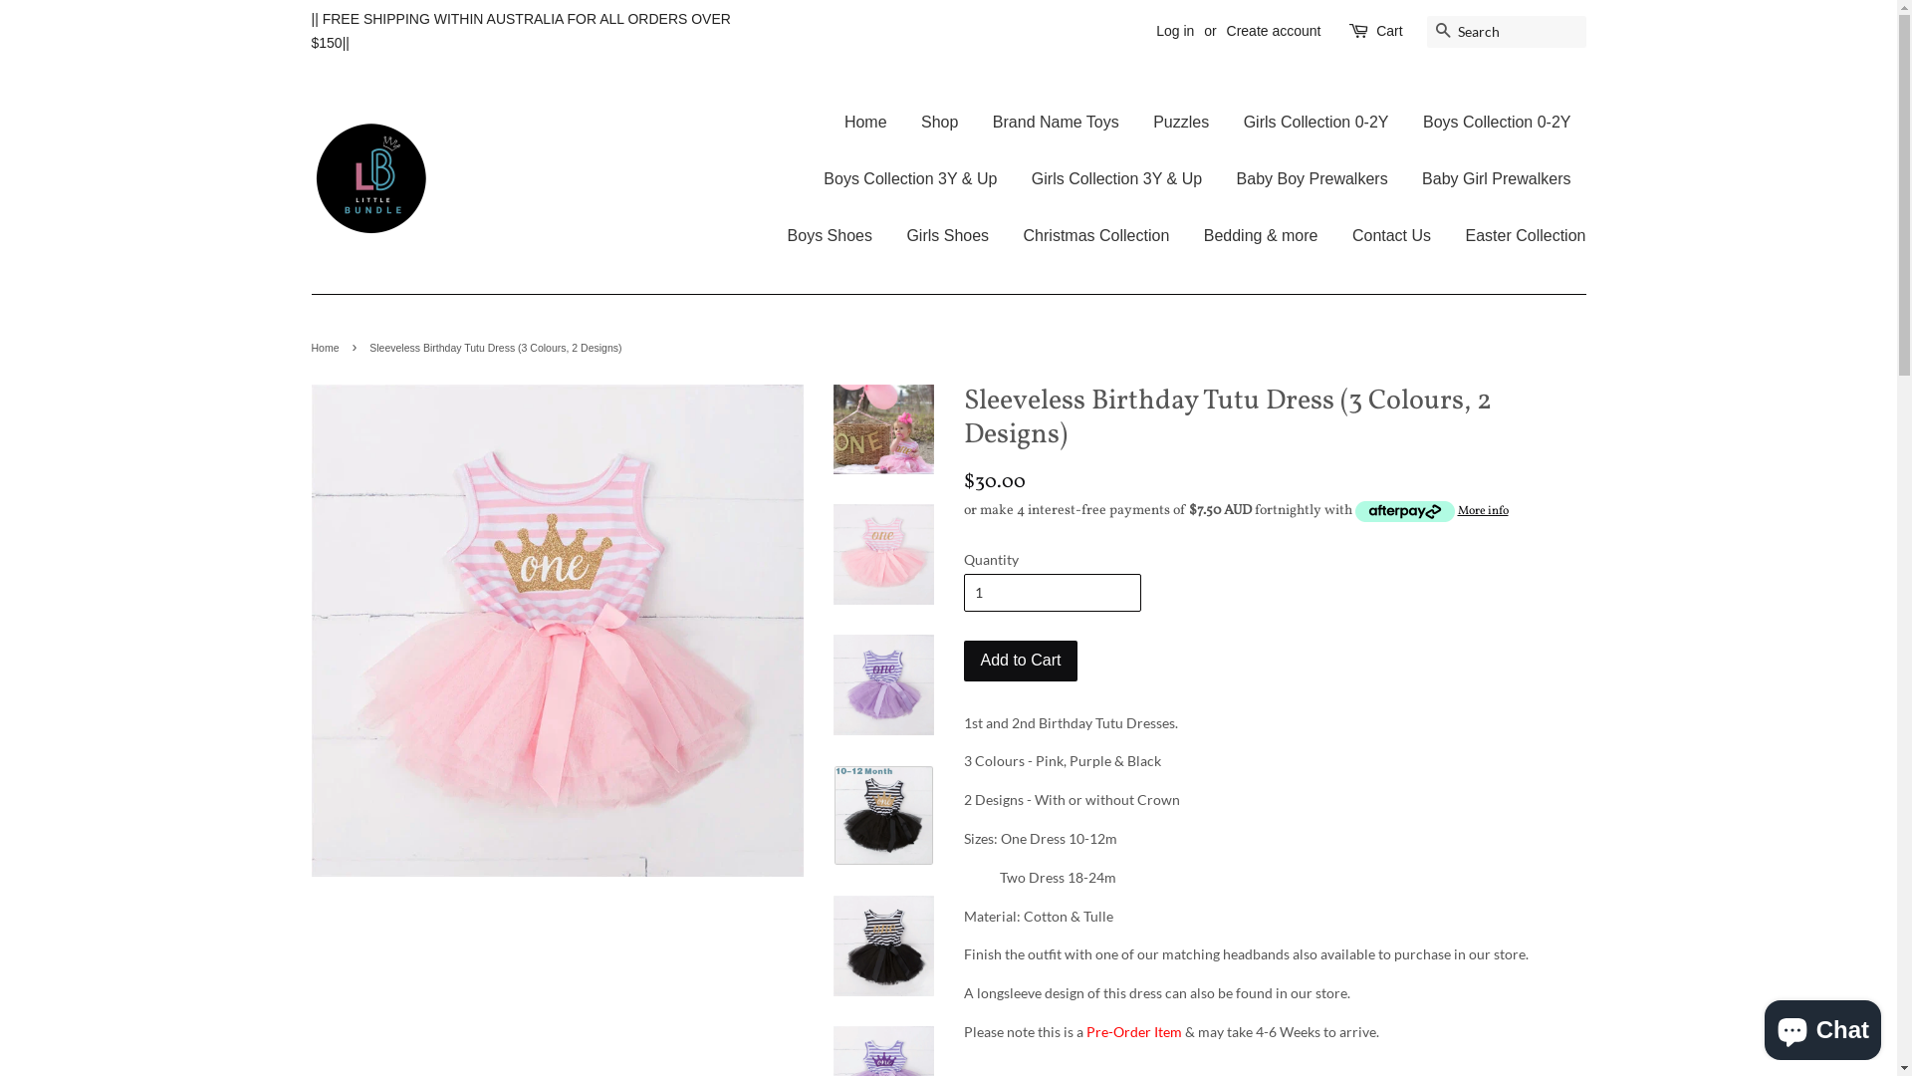 The width and height of the screenshot is (1912, 1076). What do you see at coordinates (327, 346) in the screenshot?
I see `'Home'` at bounding box center [327, 346].